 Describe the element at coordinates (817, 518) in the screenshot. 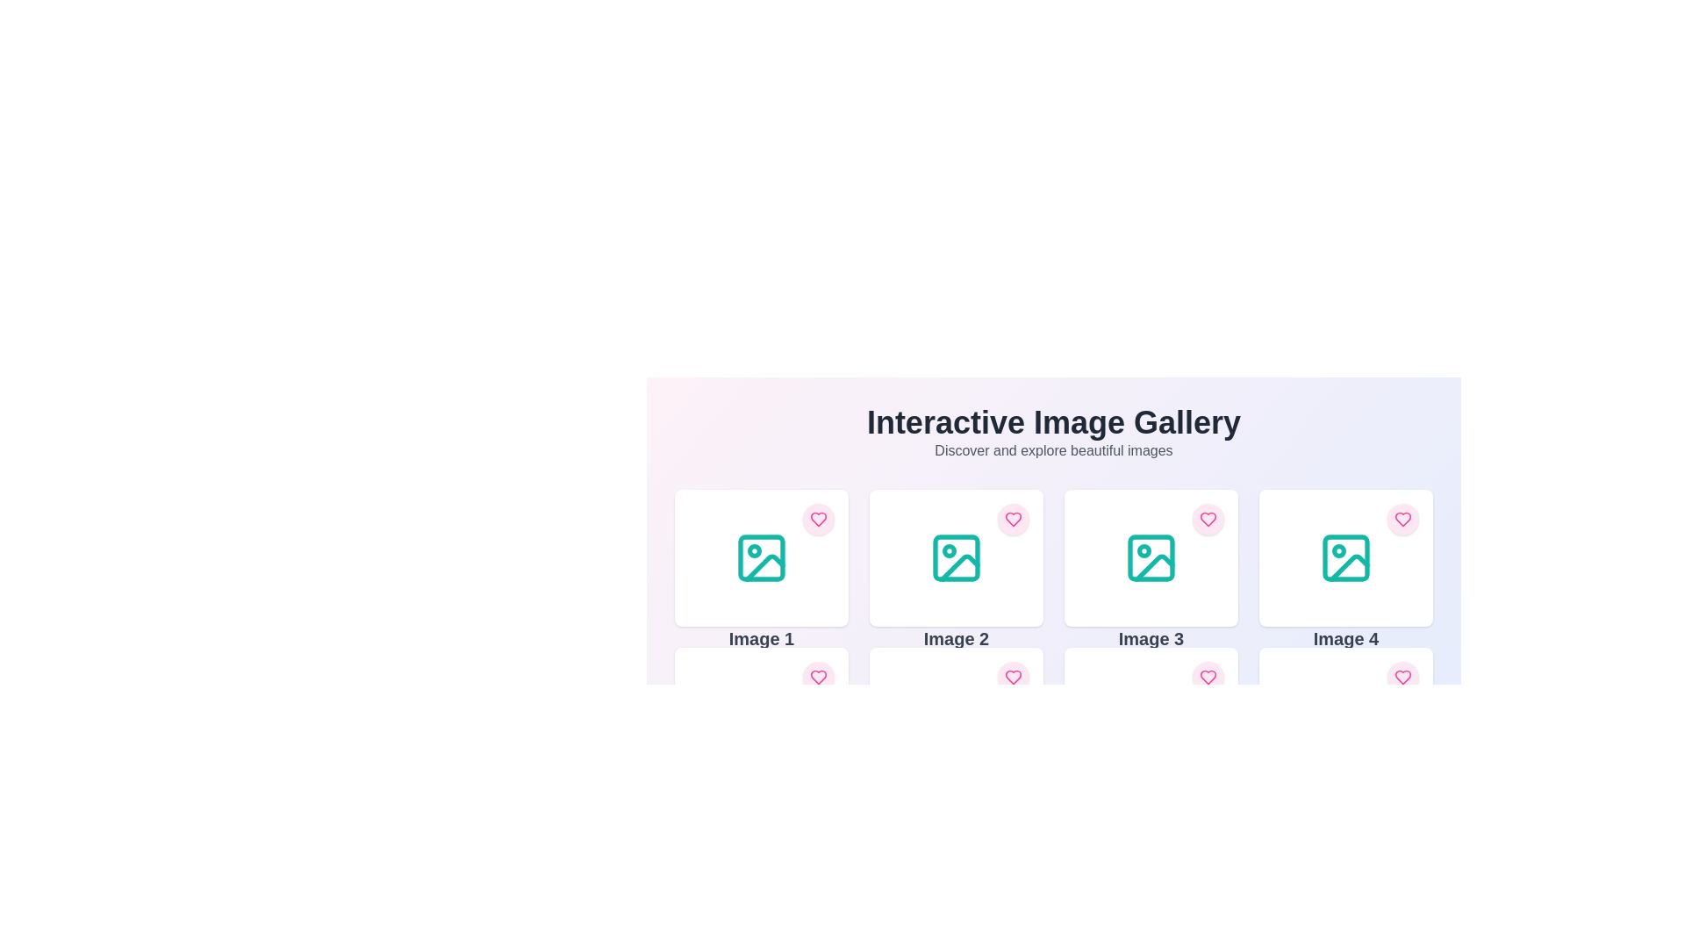

I see `the favorite button located in the top-right corner of the card labeled 'Image 1' in the gallery grid` at that location.